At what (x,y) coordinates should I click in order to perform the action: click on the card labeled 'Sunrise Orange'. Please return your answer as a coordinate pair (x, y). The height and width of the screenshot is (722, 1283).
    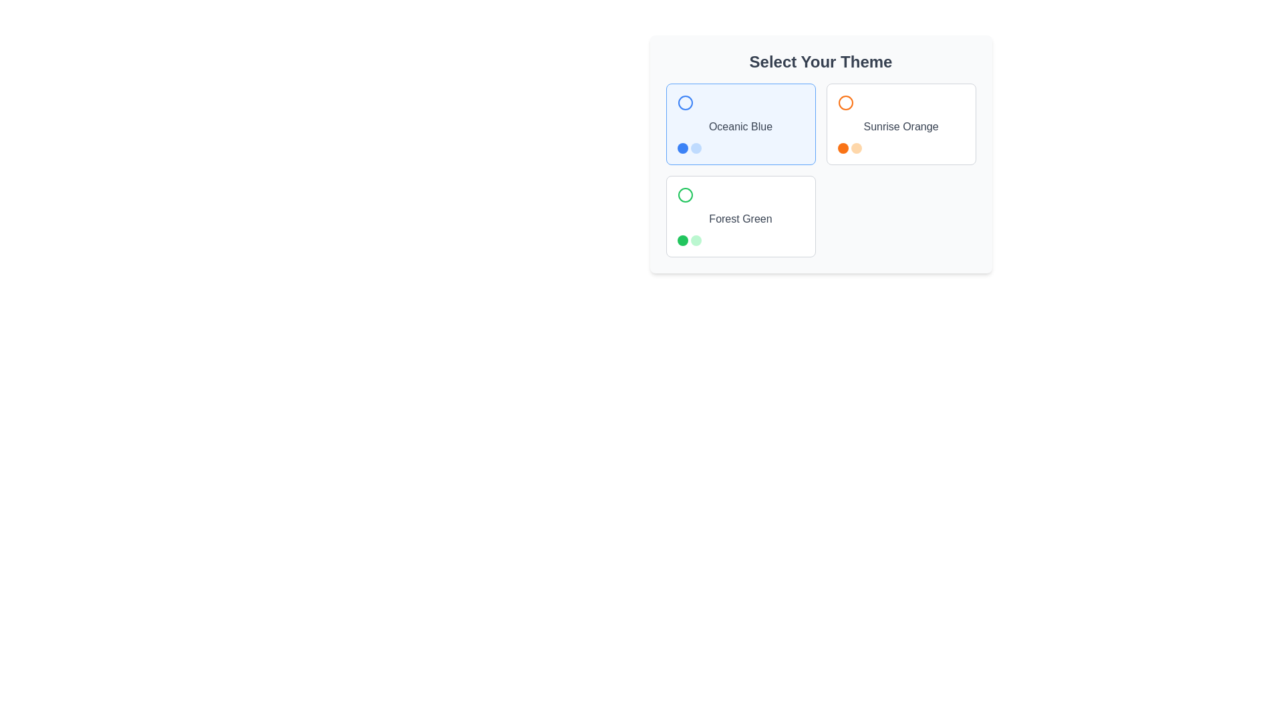
    Looking at the image, I should click on (901, 124).